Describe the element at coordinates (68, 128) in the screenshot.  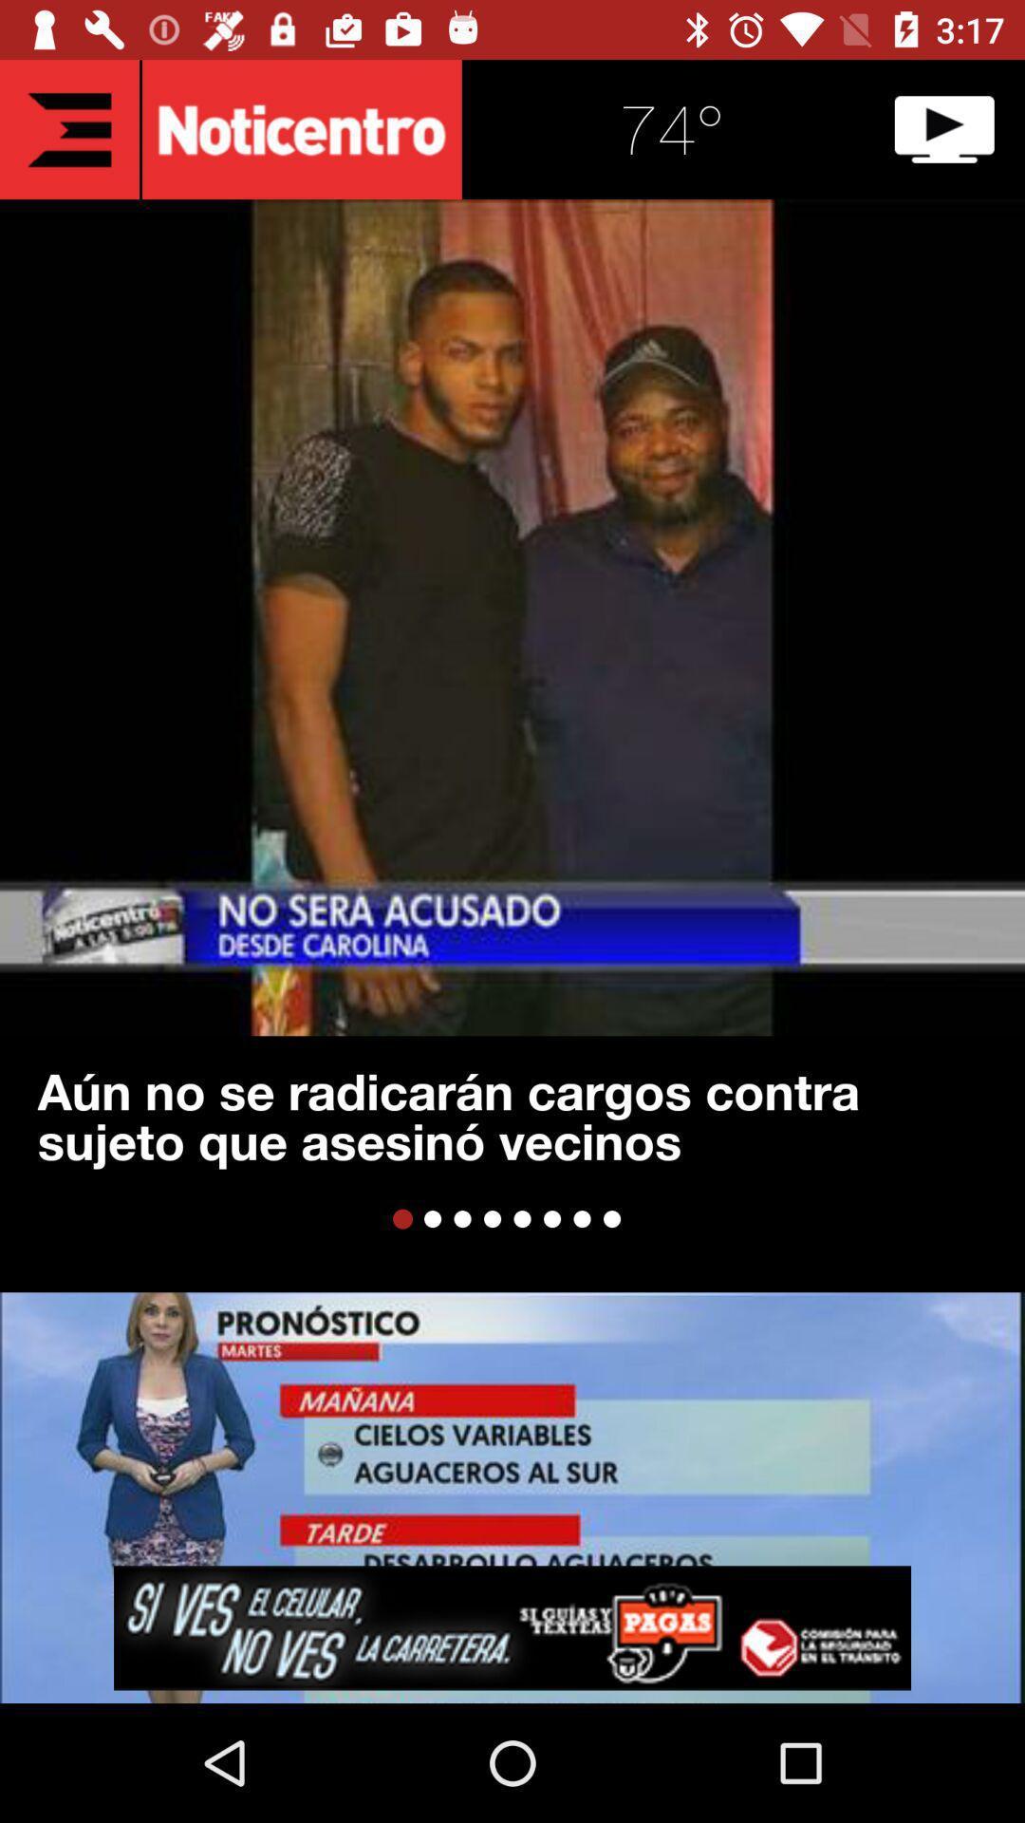
I see `menu option` at that location.